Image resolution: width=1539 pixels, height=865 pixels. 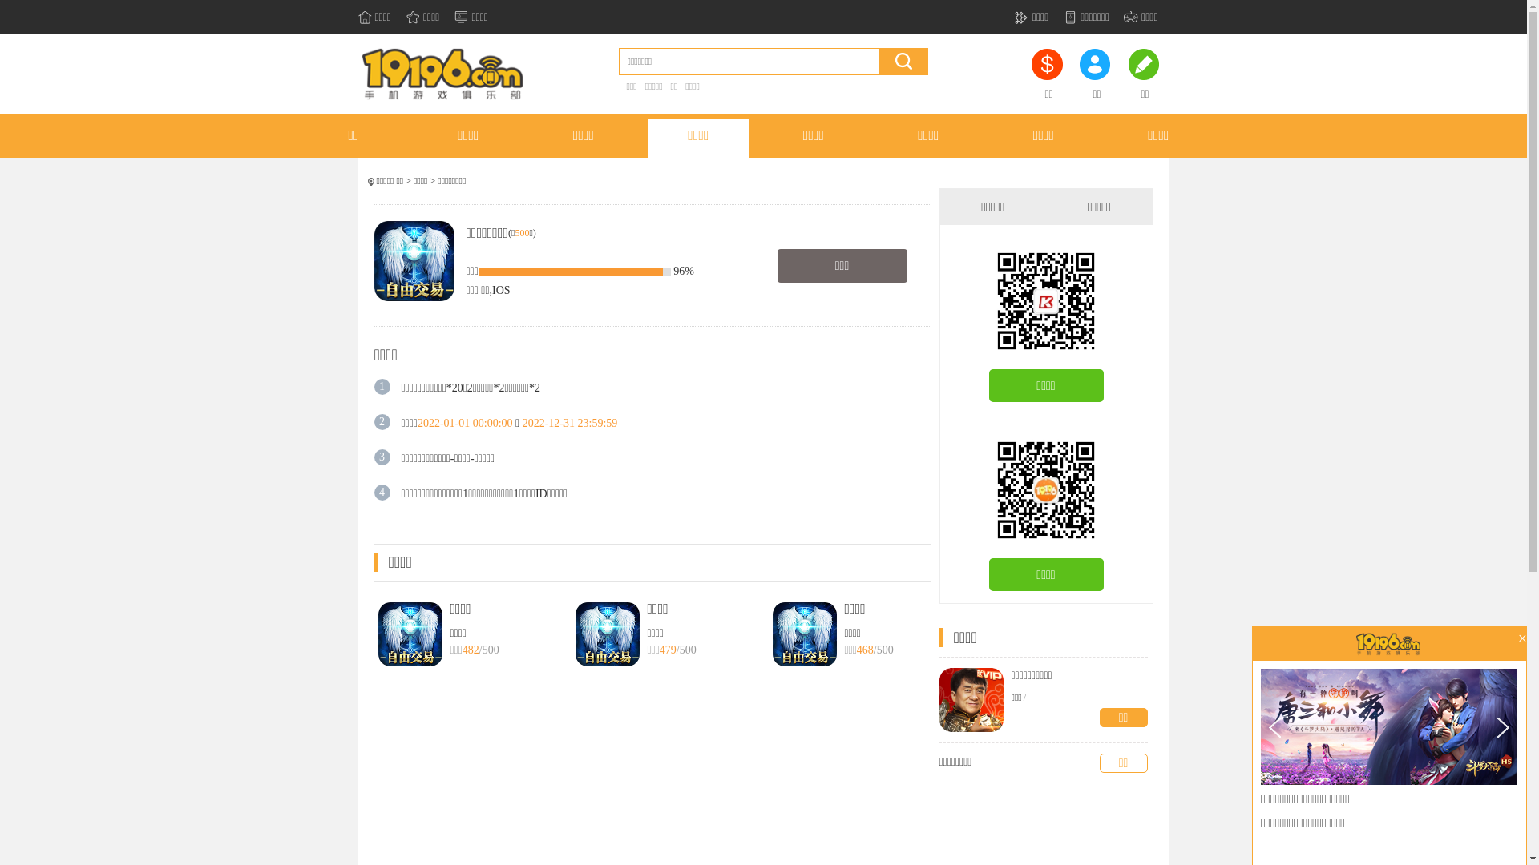 I want to click on '>', so click(x=1496, y=727).